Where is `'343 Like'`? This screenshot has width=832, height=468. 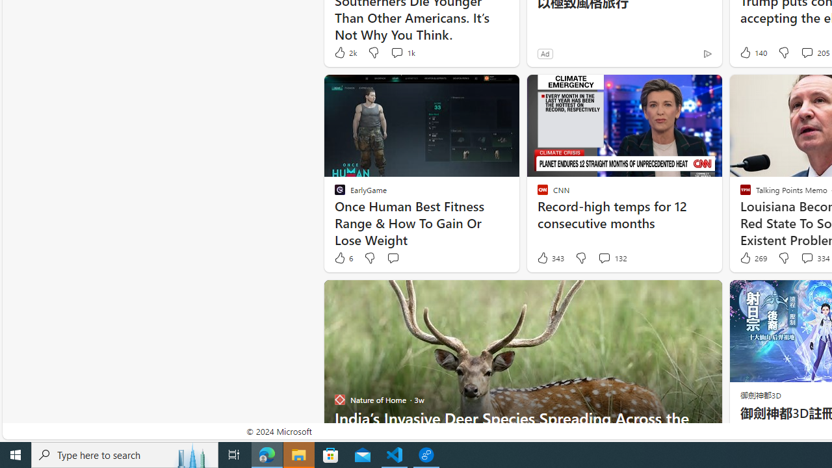 '343 Like' is located at coordinates (550, 258).